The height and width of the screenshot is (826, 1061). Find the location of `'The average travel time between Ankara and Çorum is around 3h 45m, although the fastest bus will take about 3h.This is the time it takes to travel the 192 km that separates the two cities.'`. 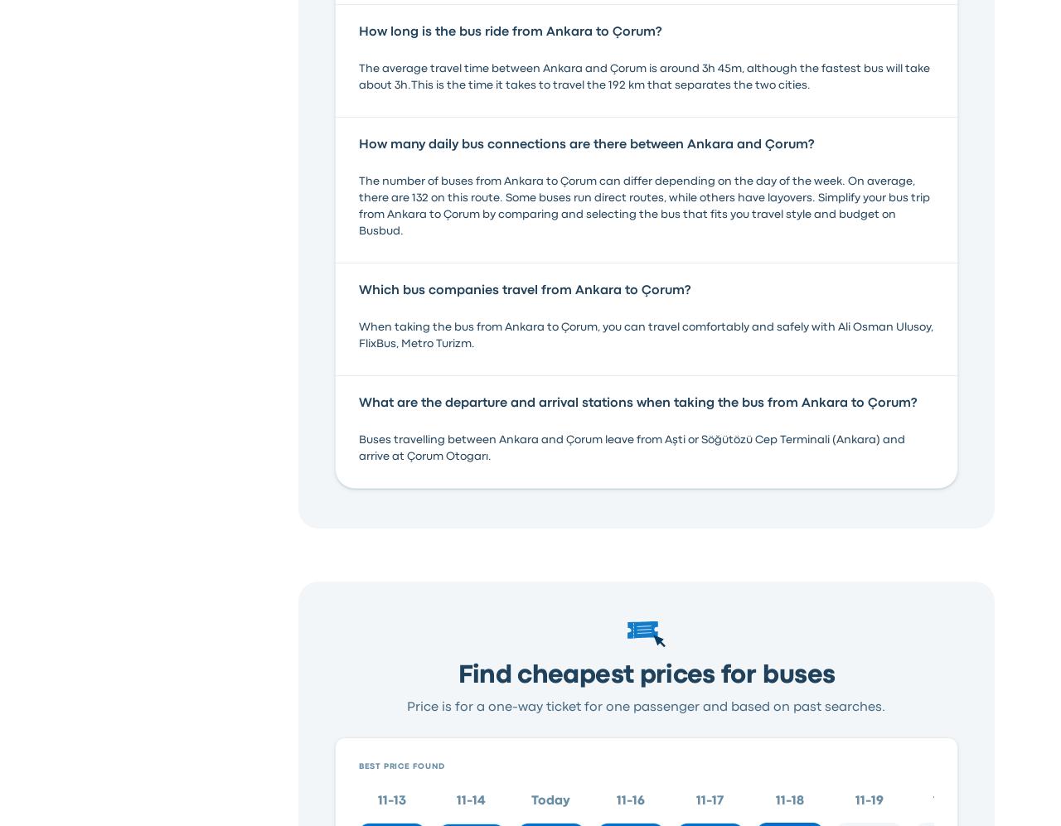

'The average travel time between Ankara and Çorum is around 3h 45m, although the fastest bus will take about 3h.This is the time it takes to travel the 192 km that separates the two cities.' is located at coordinates (642, 76).